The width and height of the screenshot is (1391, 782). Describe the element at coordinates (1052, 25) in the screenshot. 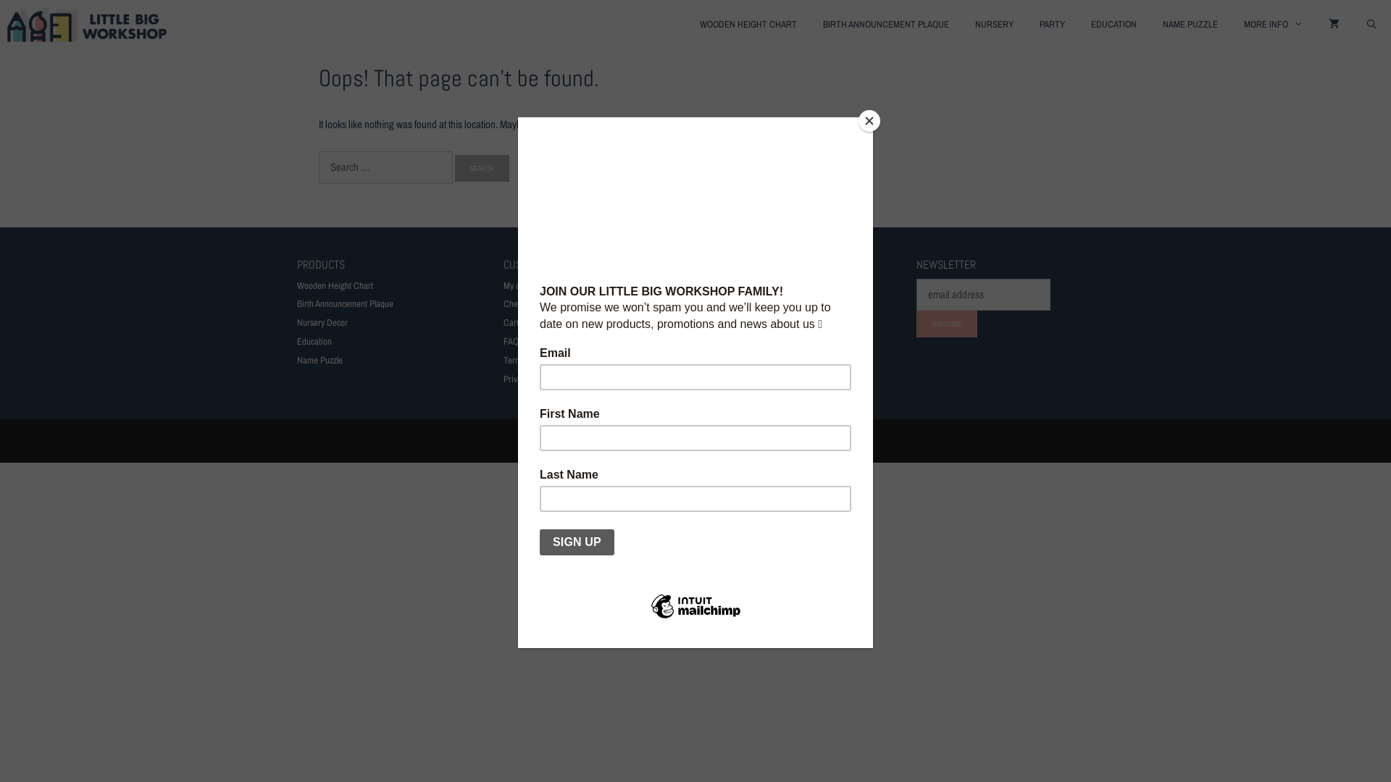

I see `'PARTY'` at that location.